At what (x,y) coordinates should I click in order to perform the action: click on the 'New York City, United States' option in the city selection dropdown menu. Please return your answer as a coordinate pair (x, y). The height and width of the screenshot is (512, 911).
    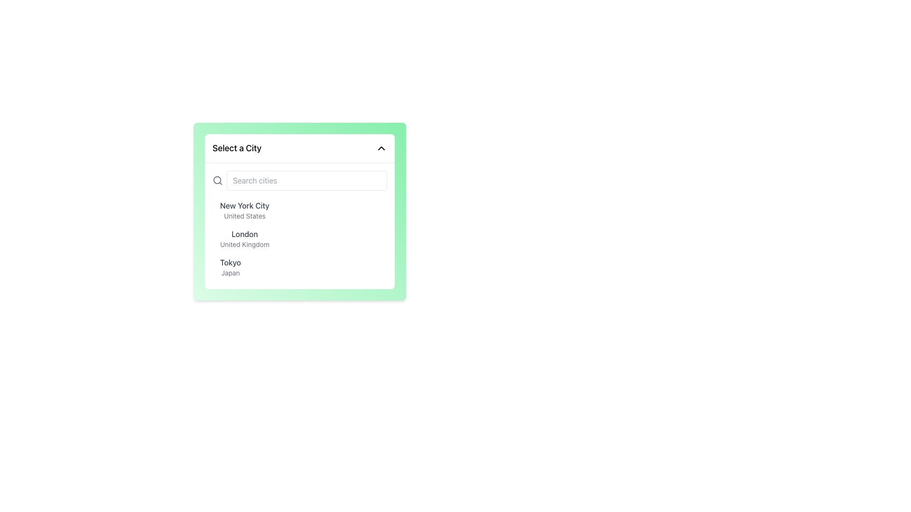
    Looking at the image, I should click on (244, 210).